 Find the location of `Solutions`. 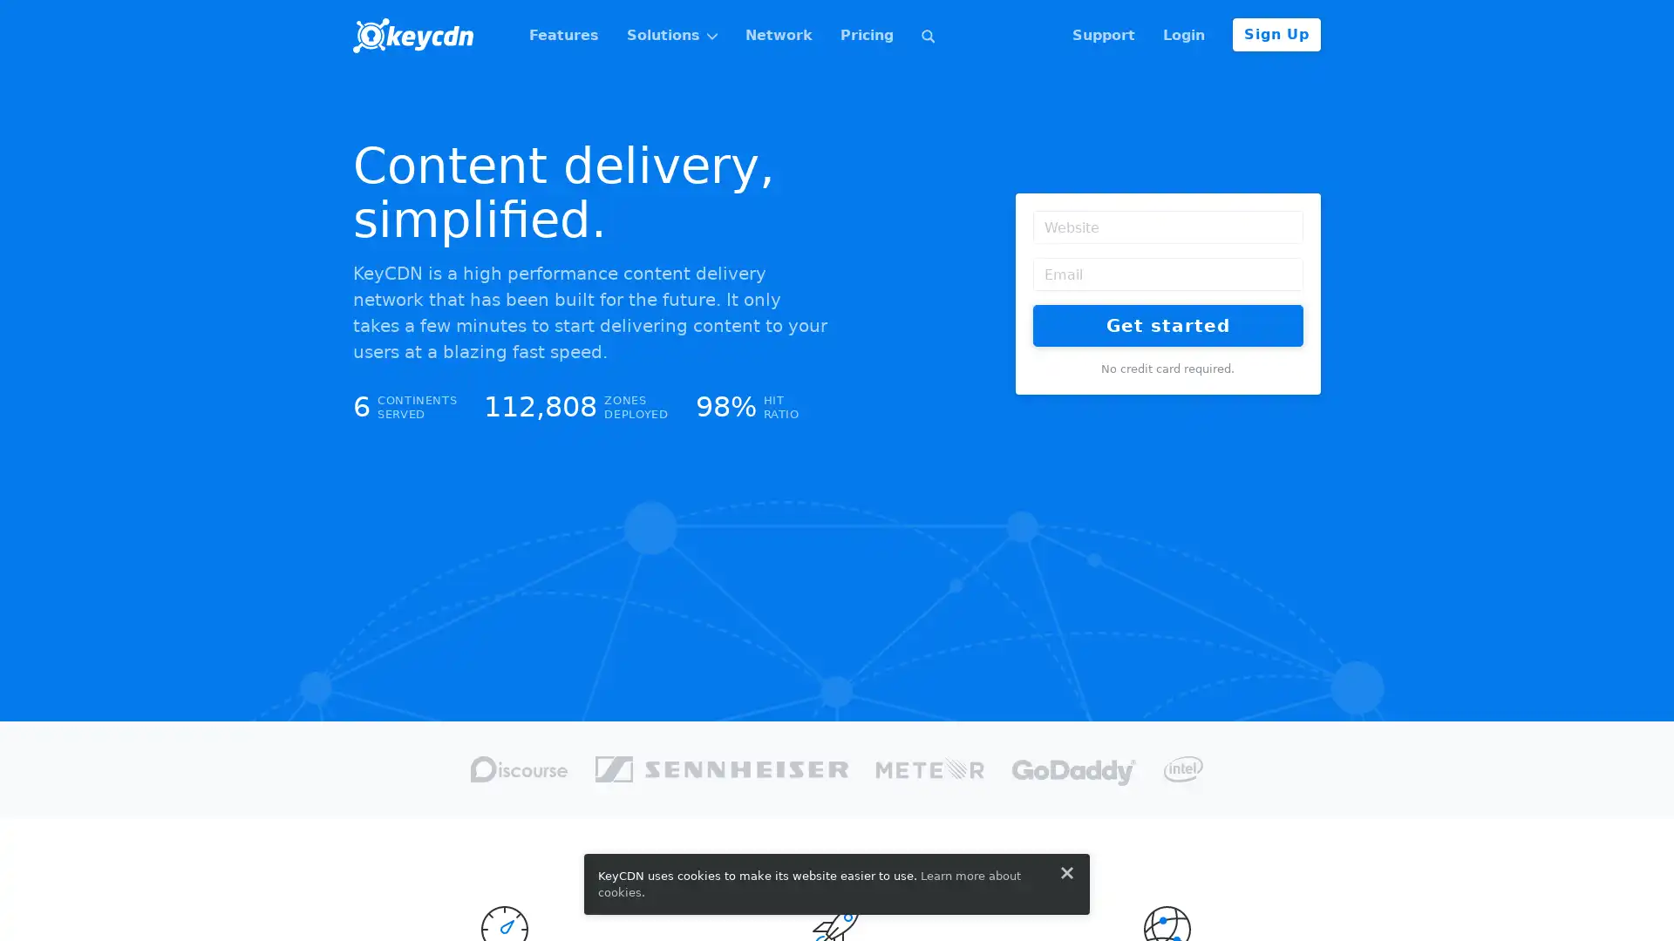

Solutions is located at coordinates (670, 36).